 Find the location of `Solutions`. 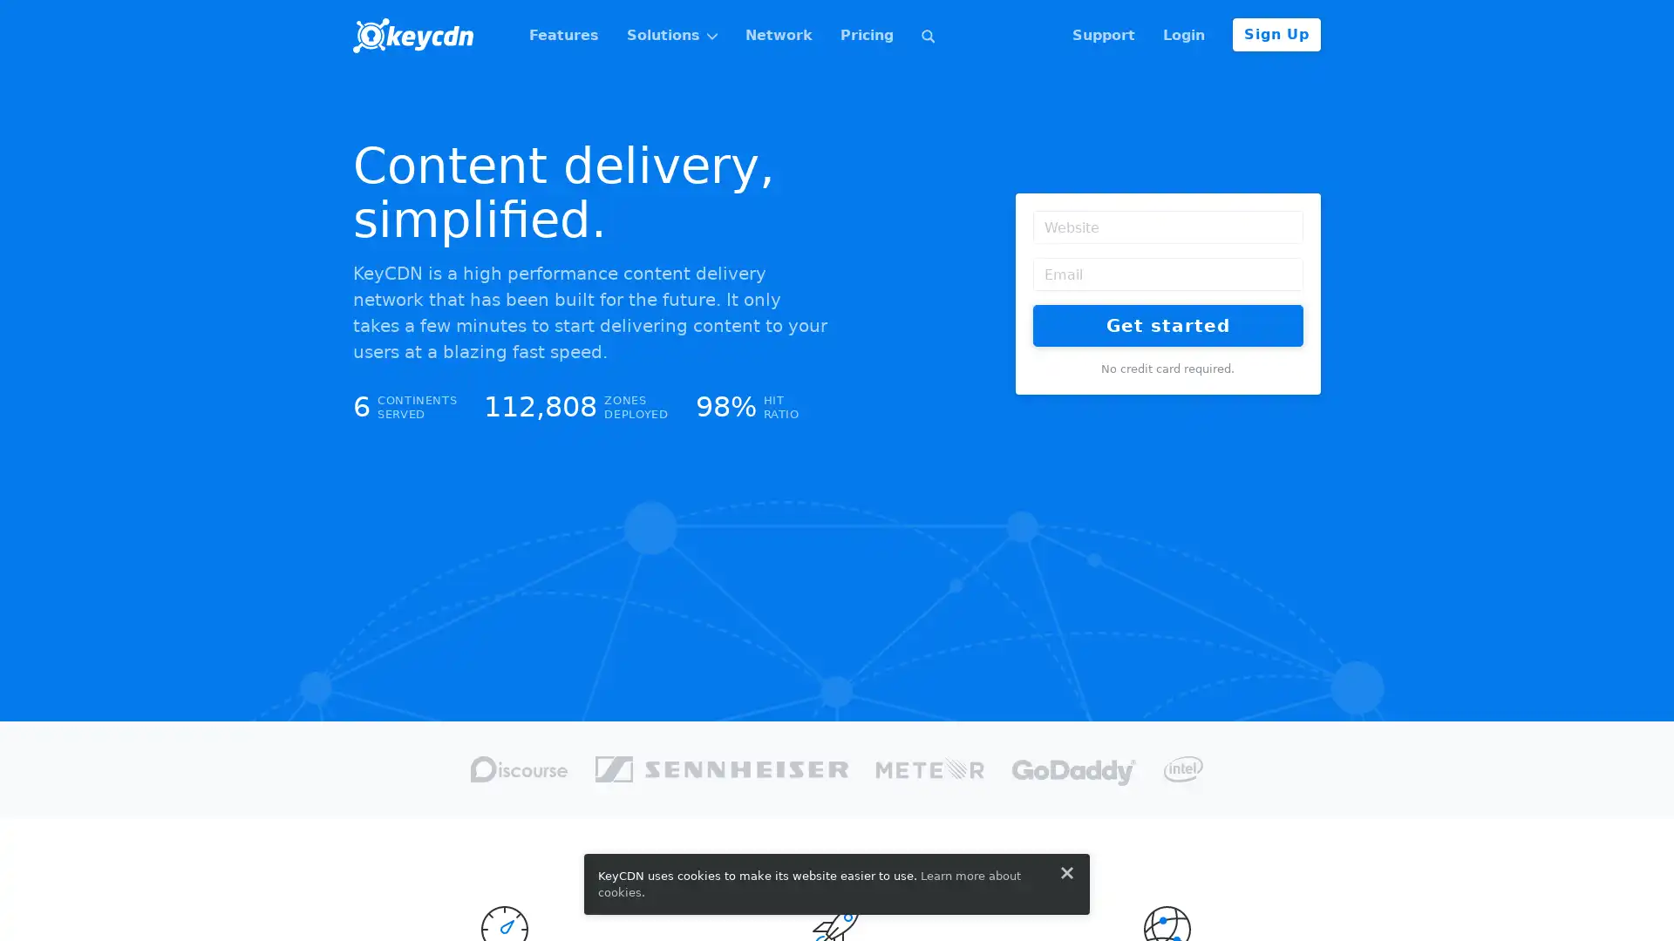

Solutions is located at coordinates (670, 36).